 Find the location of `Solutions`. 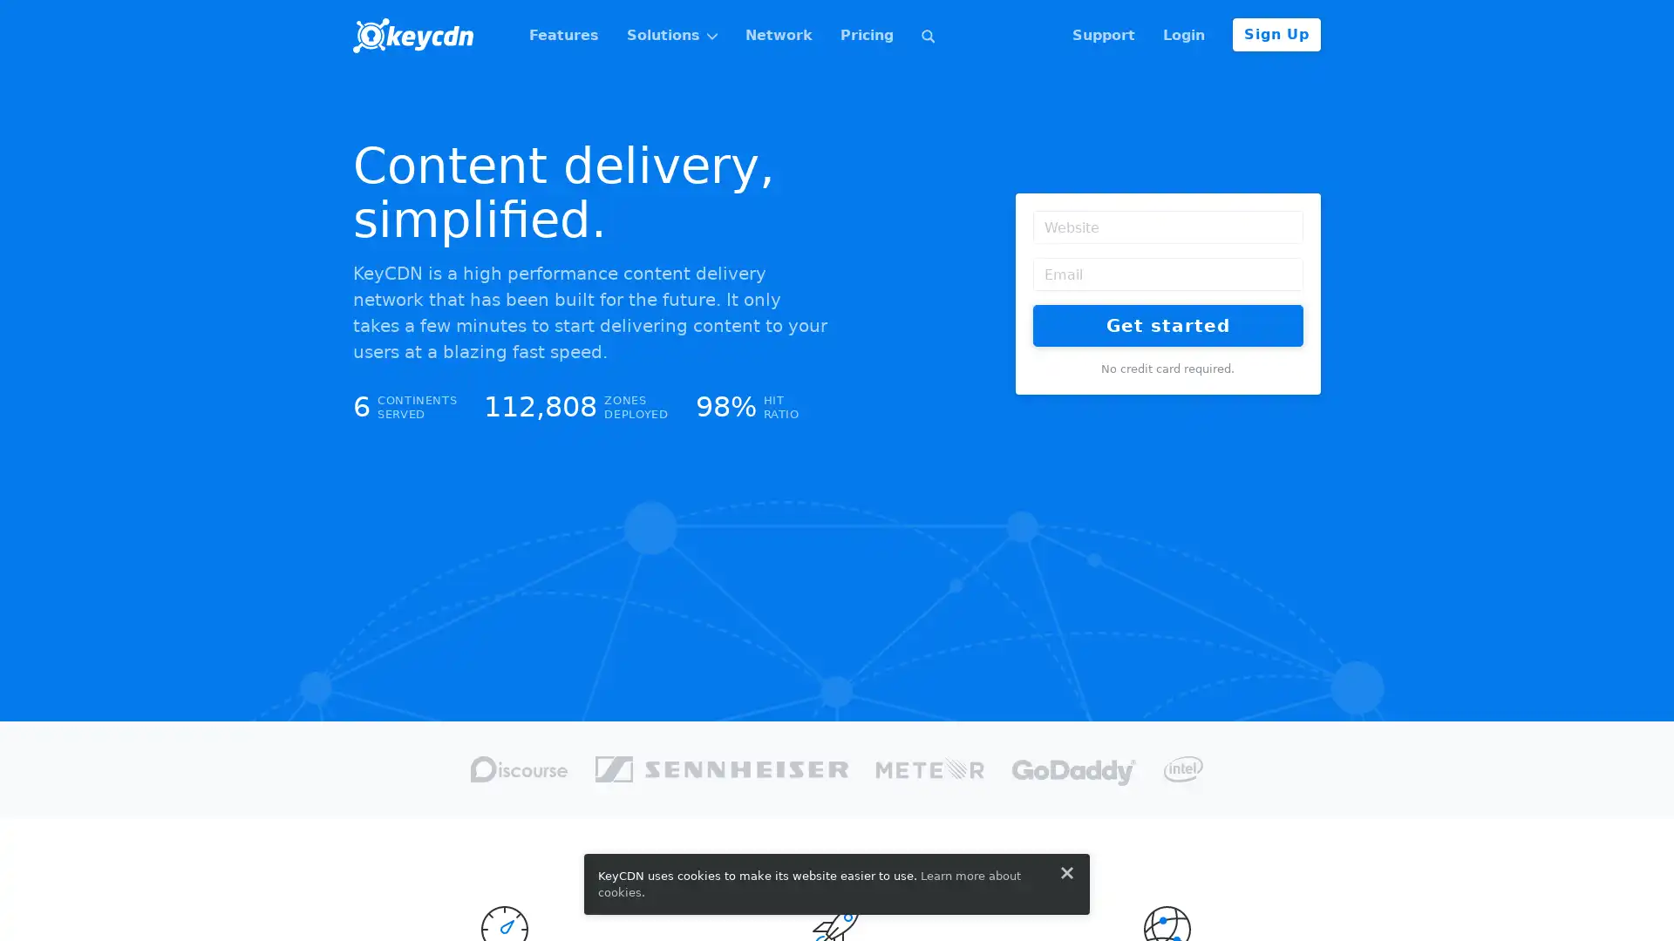

Solutions is located at coordinates (670, 36).